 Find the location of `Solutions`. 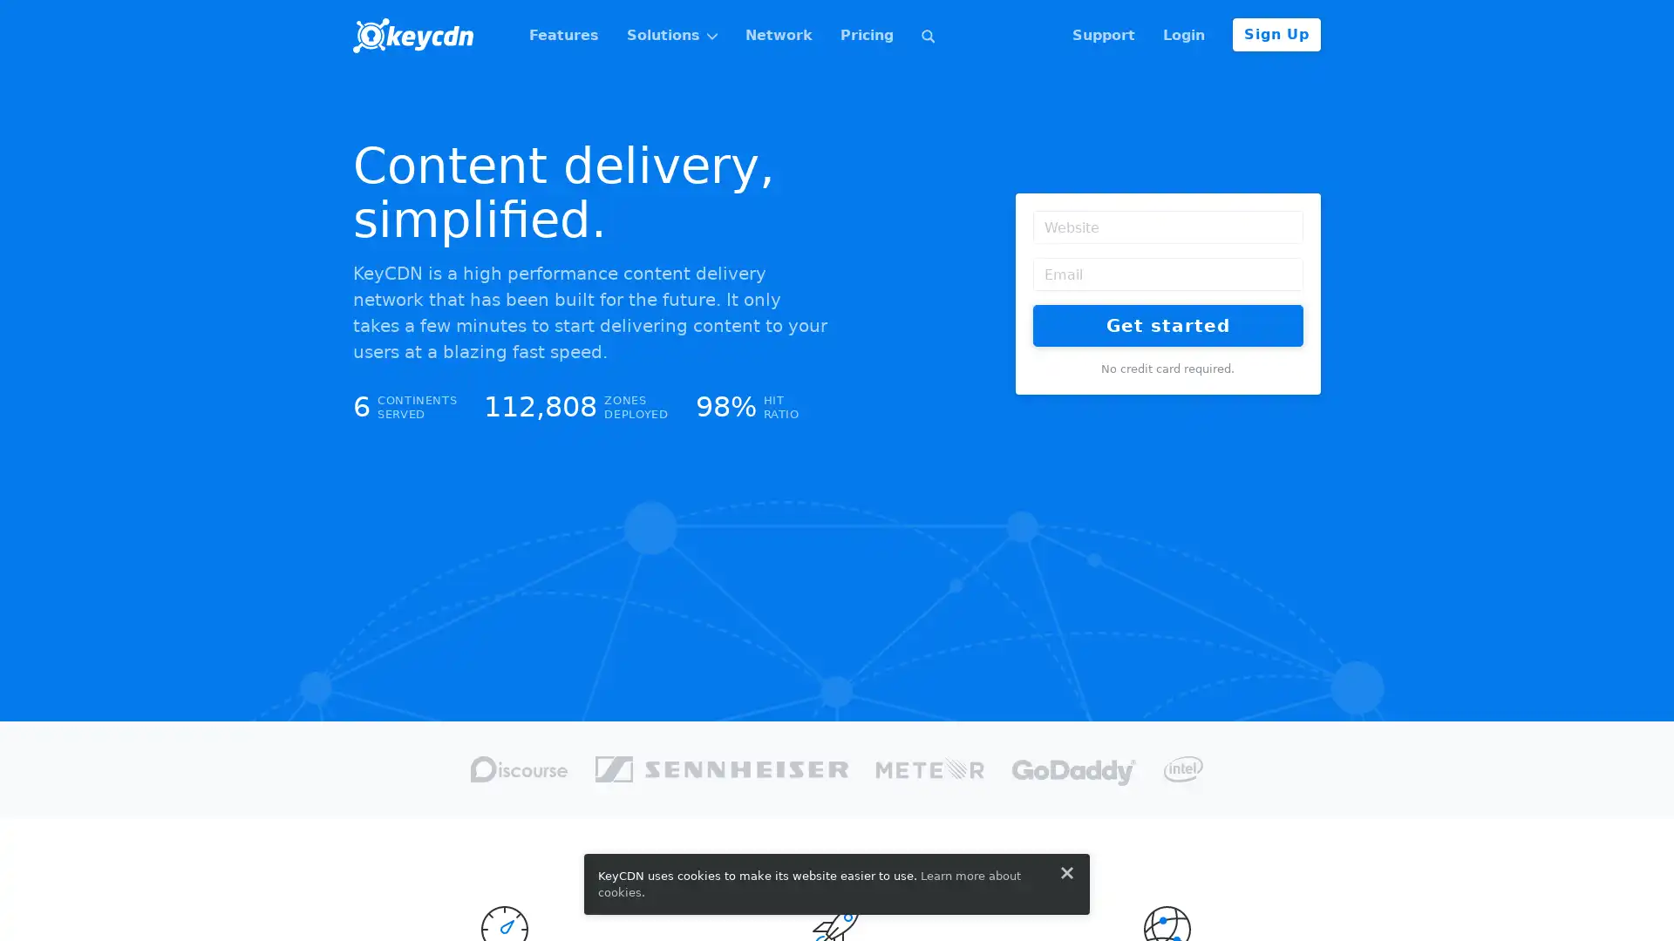

Solutions is located at coordinates (670, 36).